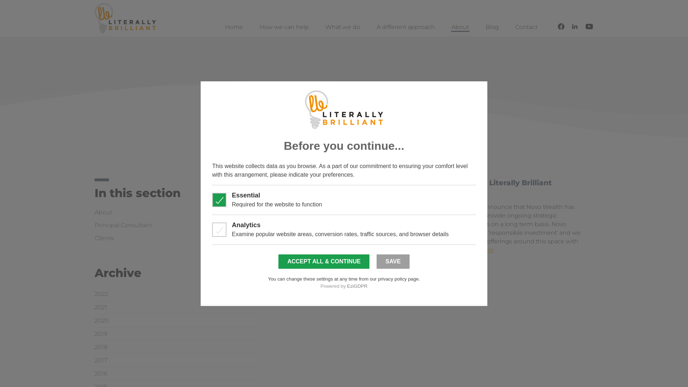  Describe the element at coordinates (101, 320) in the screenshot. I see `'2020'` at that location.